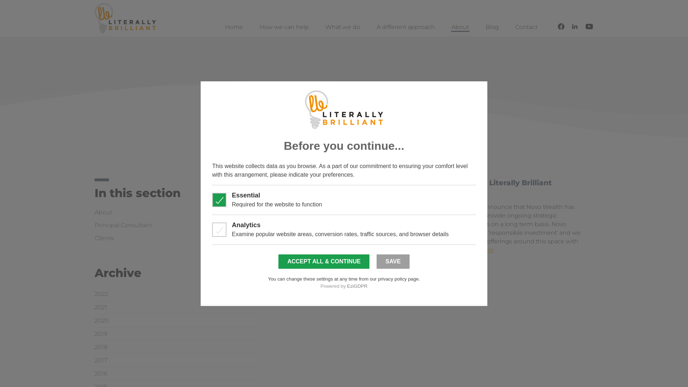  Describe the element at coordinates (101, 320) in the screenshot. I see `'2020'` at that location.